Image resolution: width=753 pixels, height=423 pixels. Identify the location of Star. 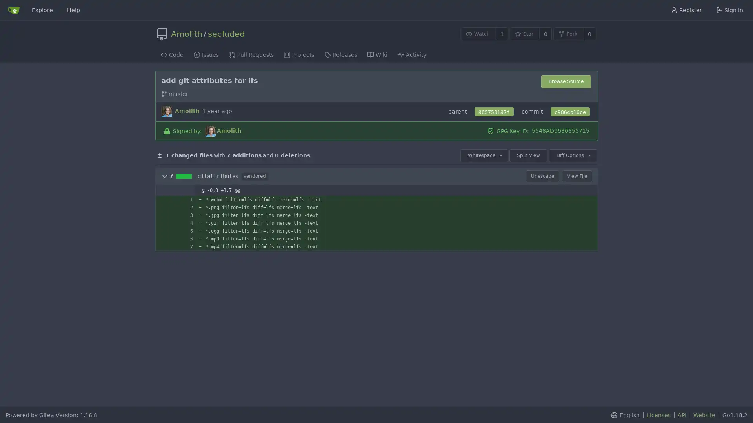
(524, 33).